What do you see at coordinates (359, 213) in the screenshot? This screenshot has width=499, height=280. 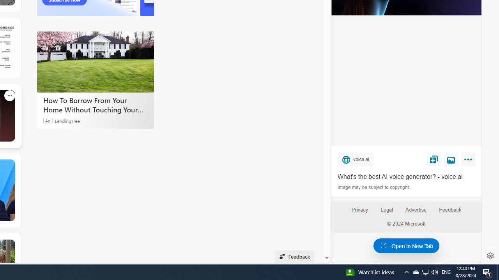 I see `'Privacy'` at bounding box center [359, 213].